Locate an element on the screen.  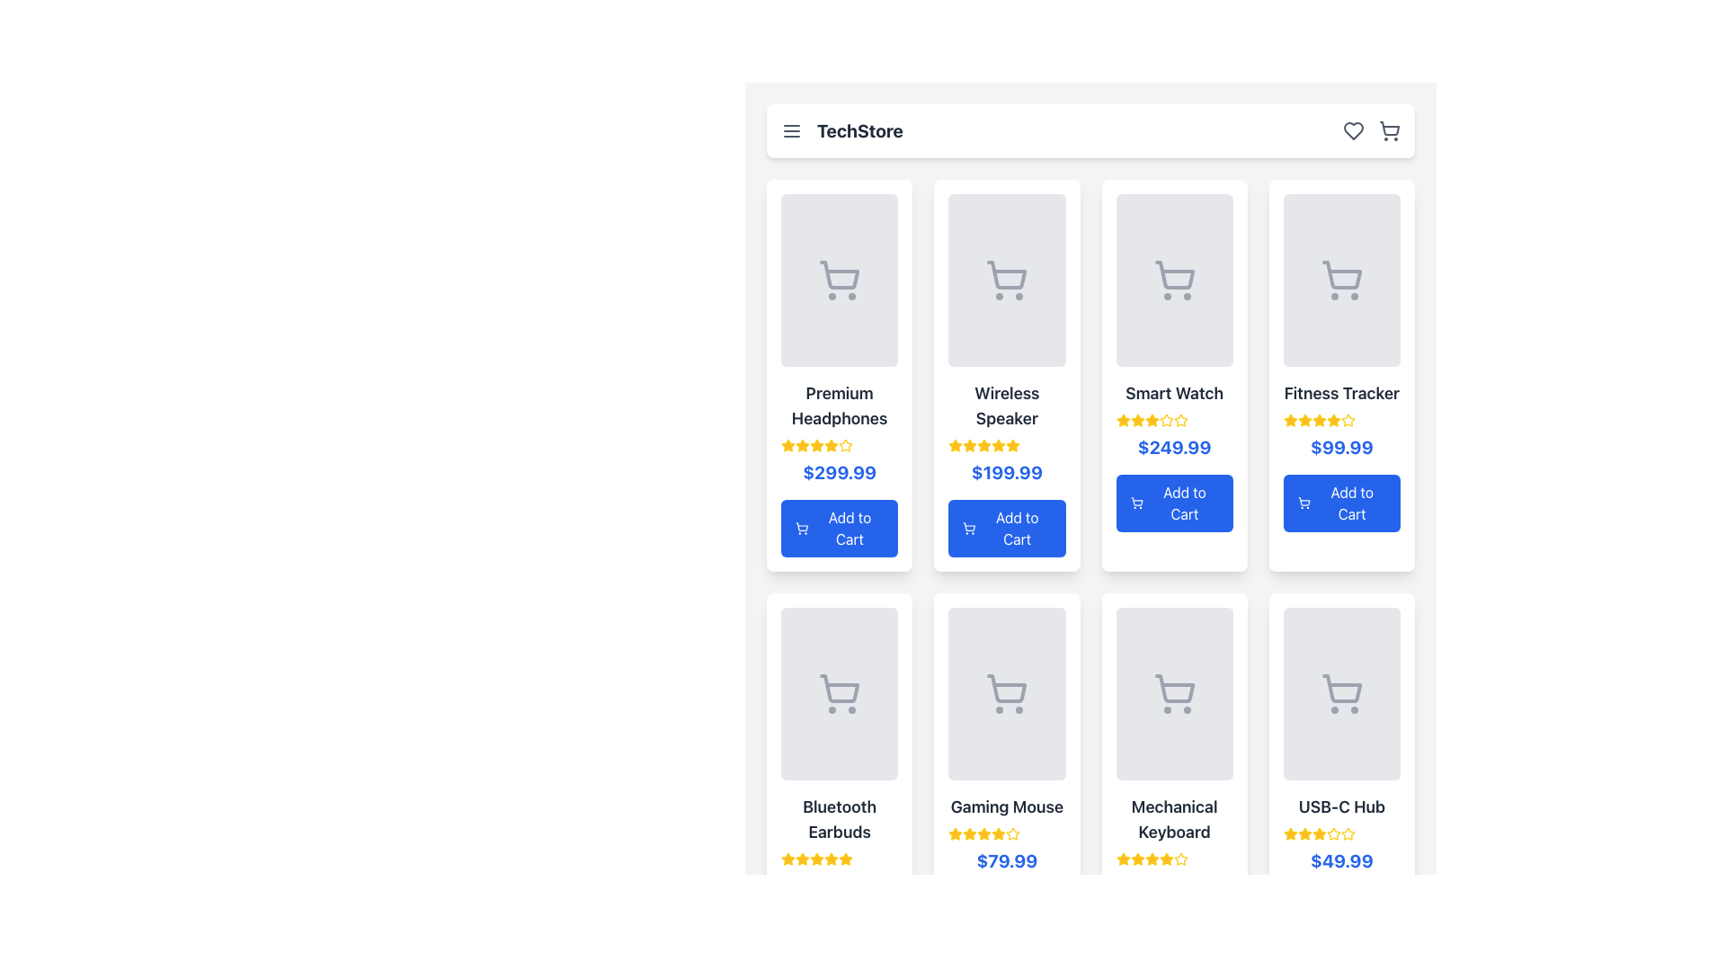
the third star in the rating series above the price '$79.99' to change the rating to three stars is located at coordinates (1136, 858).